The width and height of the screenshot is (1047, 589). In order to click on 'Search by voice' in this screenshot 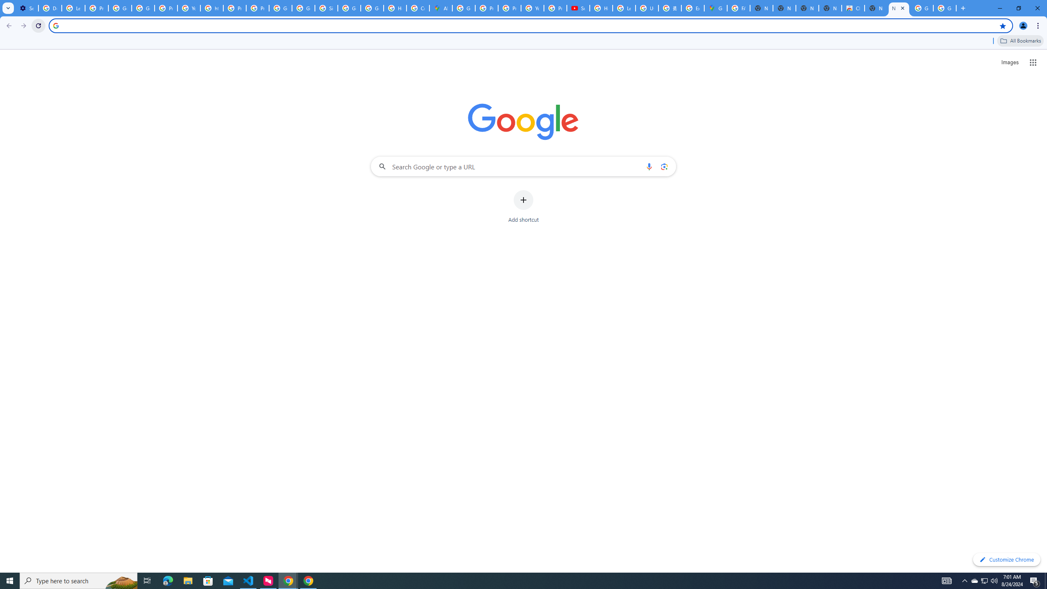, I will do `click(649, 166)`.